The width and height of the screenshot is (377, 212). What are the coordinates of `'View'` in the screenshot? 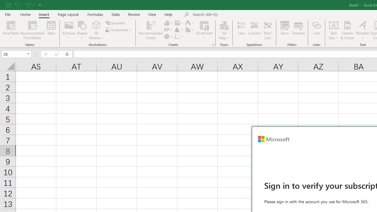 It's located at (152, 14).